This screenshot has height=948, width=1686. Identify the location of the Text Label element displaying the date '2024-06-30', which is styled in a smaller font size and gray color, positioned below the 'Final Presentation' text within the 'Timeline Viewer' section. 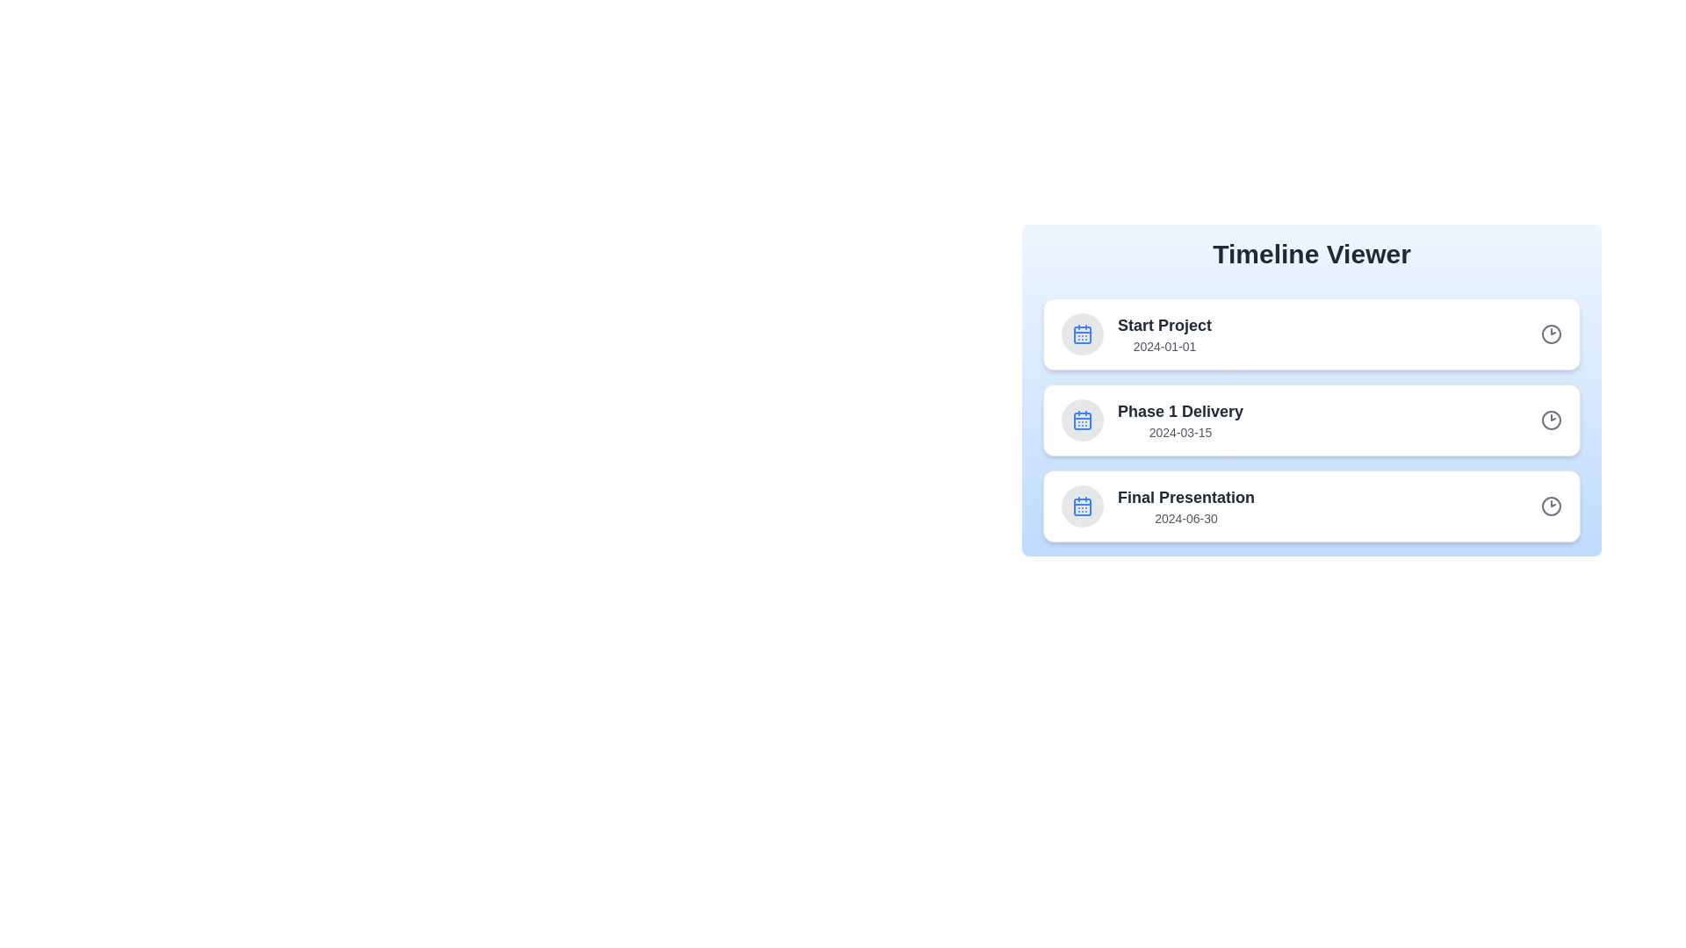
(1186, 517).